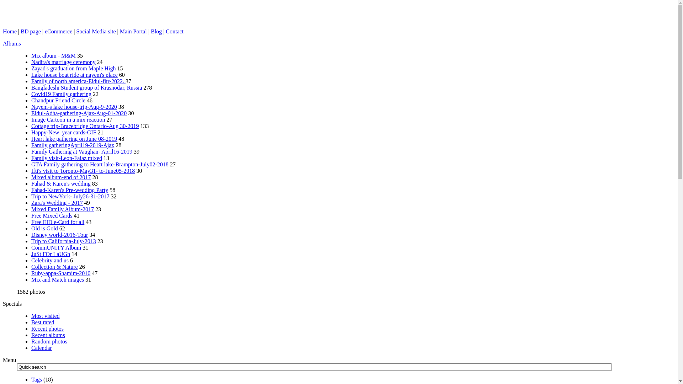 Image resolution: width=683 pixels, height=384 pixels. What do you see at coordinates (31, 329) in the screenshot?
I see `'Recent photos'` at bounding box center [31, 329].